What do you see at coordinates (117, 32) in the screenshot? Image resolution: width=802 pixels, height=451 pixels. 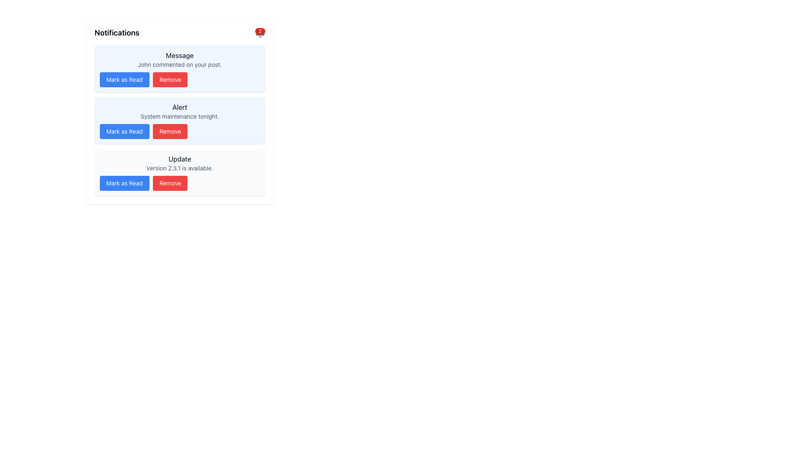 I see `the text label positioned at the top-left corner of the notification panel, which serves as a heading for the notification section` at bounding box center [117, 32].